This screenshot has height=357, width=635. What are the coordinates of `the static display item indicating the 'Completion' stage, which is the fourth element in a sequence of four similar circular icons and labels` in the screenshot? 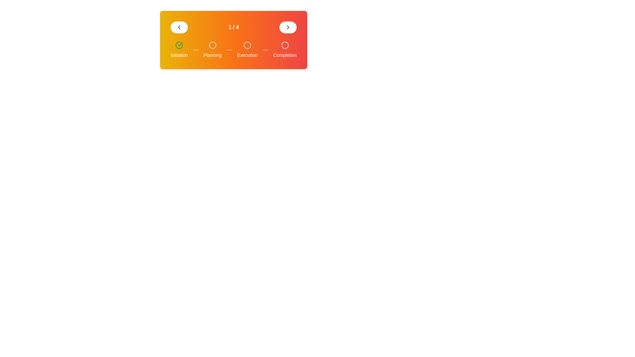 It's located at (285, 49).